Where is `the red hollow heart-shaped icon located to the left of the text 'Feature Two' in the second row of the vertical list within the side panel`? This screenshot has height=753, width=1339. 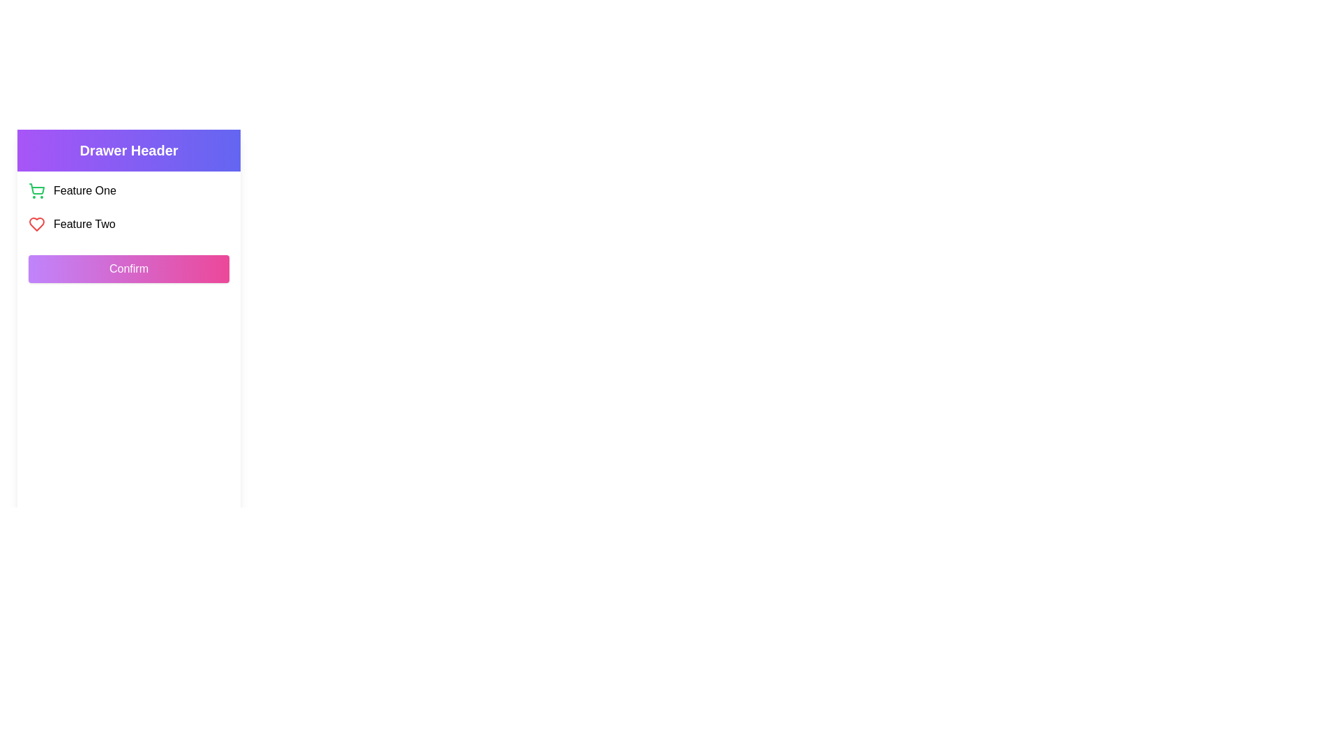 the red hollow heart-shaped icon located to the left of the text 'Feature Two' in the second row of the vertical list within the side panel is located at coordinates (36, 223).